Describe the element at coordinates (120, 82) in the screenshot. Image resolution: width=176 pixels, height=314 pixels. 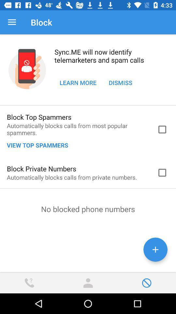
I see `the item to the right of learn more item` at that location.